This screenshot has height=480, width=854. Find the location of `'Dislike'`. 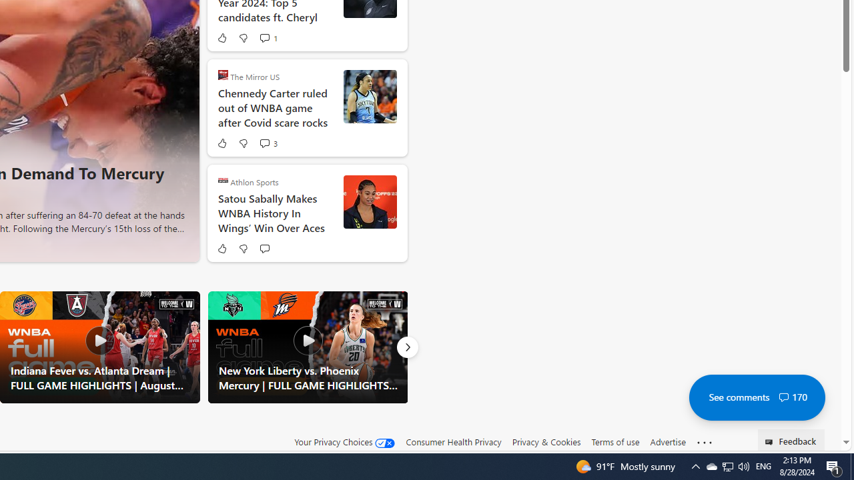

'Dislike' is located at coordinates (243, 248).